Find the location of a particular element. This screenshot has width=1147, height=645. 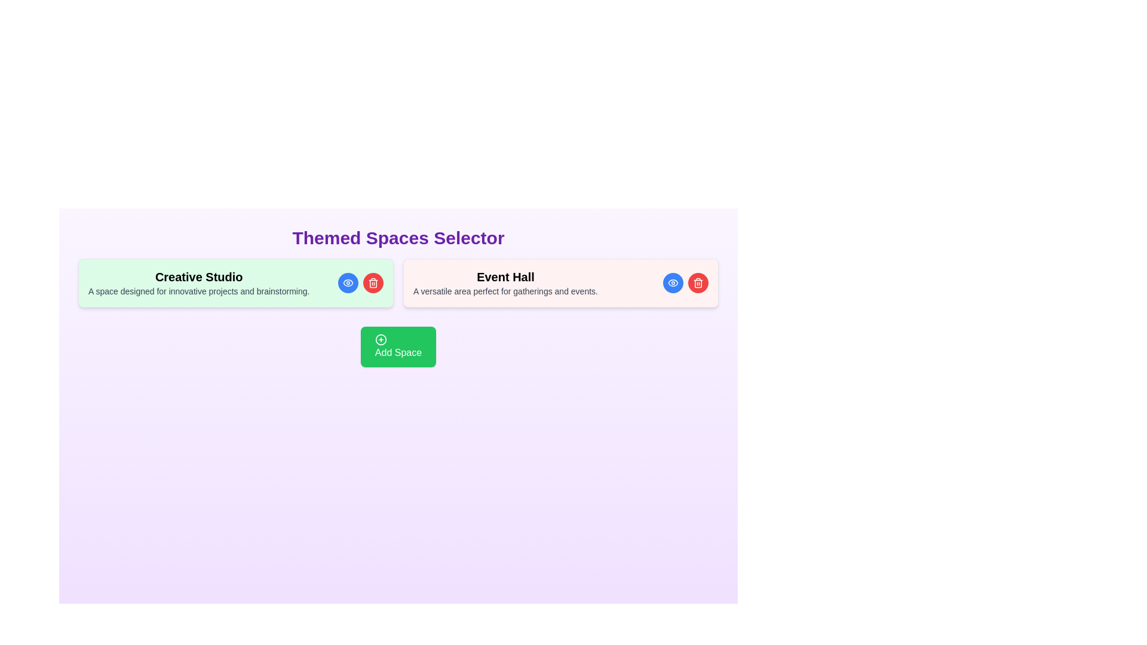

the circular blue button with a white eye icon located in the 'Event Hall' section is located at coordinates (673, 283).